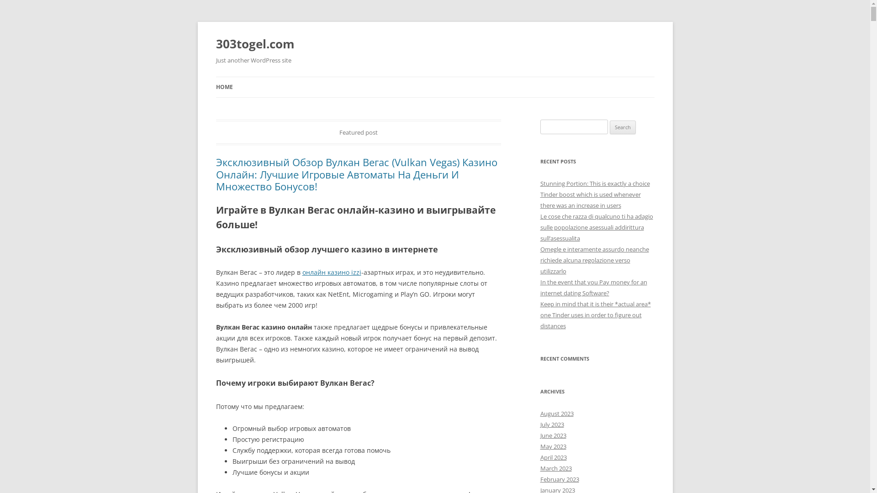 This screenshot has height=493, width=877. I want to click on 'June 2023', so click(552, 435).